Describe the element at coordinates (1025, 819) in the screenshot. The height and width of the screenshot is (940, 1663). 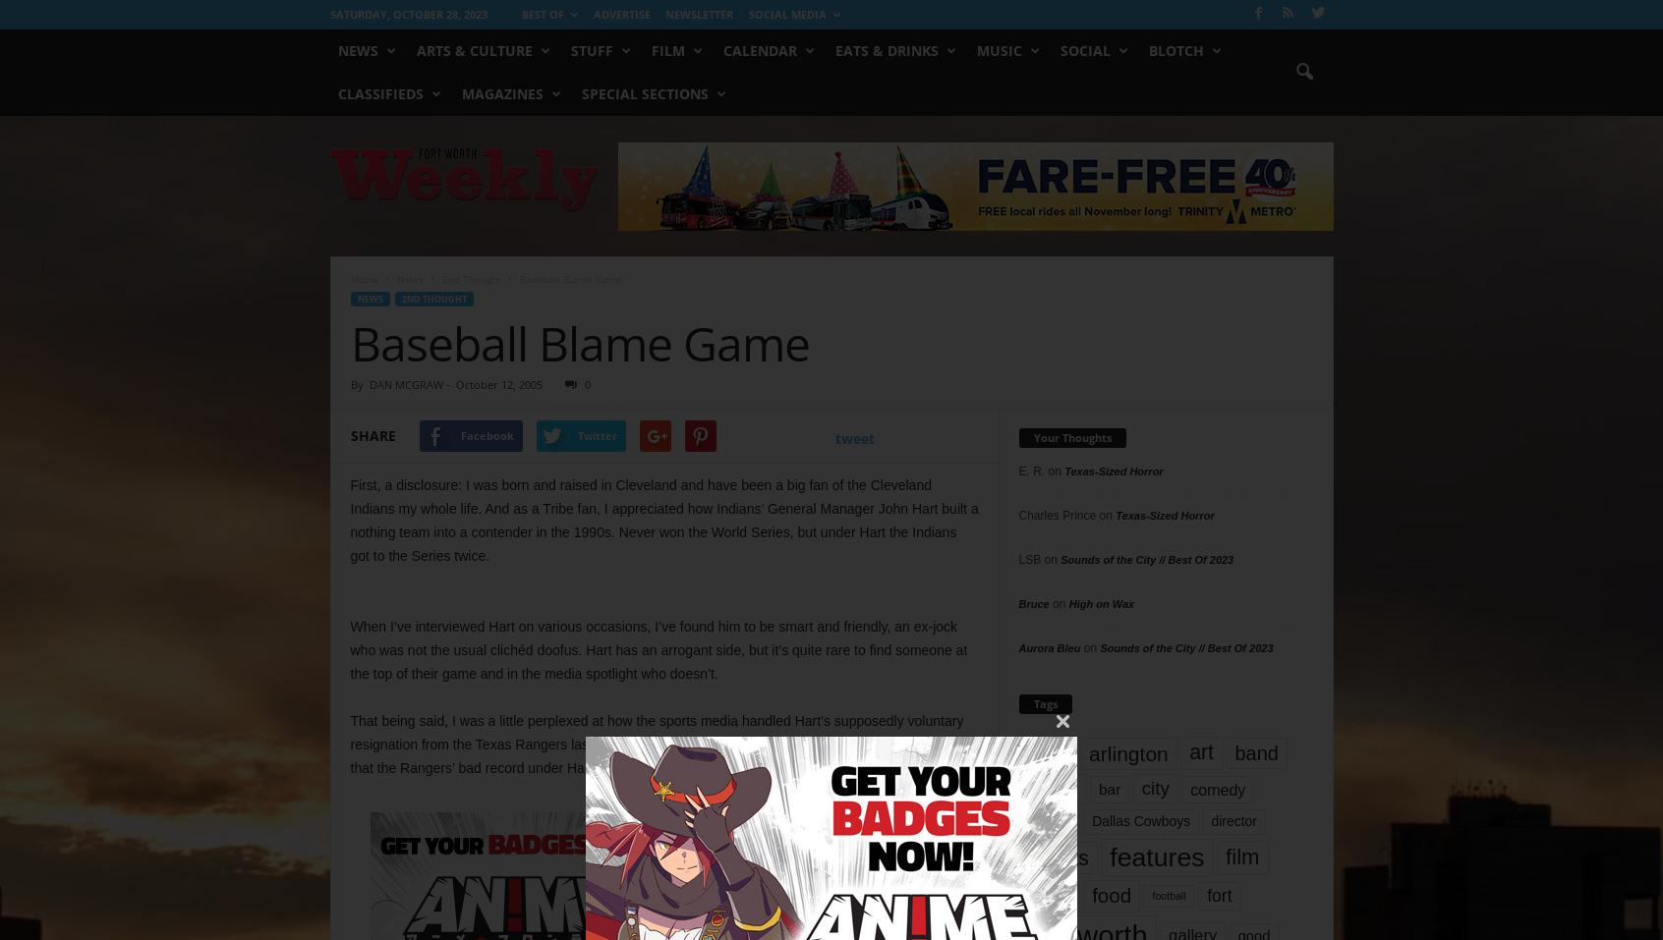
I see `'dallas'` at that location.